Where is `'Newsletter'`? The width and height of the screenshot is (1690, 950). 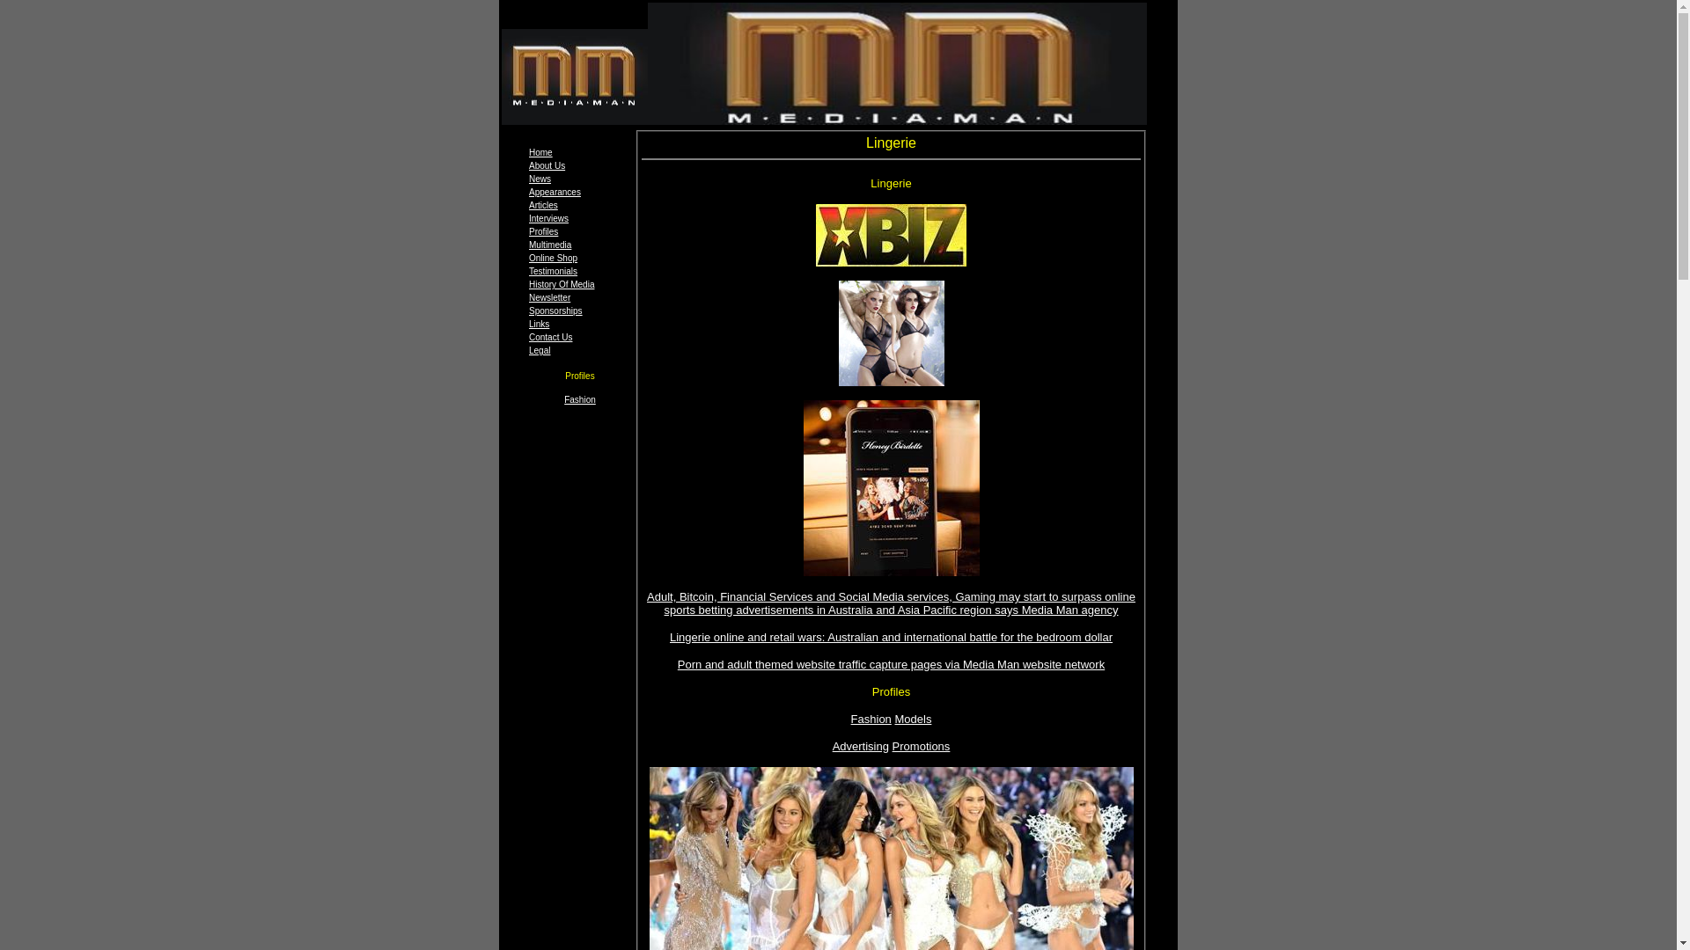
'Newsletter' is located at coordinates (527, 296).